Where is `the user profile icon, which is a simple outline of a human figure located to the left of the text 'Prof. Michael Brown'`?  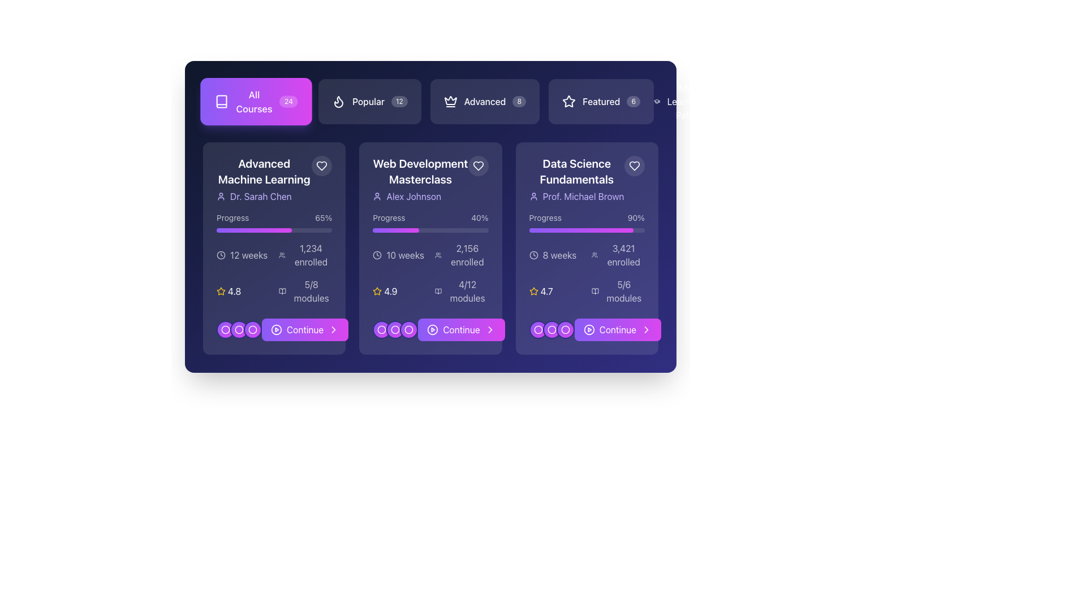
the user profile icon, which is a simple outline of a human figure located to the left of the text 'Prof. Michael Brown' is located at coordinates (533, 195).